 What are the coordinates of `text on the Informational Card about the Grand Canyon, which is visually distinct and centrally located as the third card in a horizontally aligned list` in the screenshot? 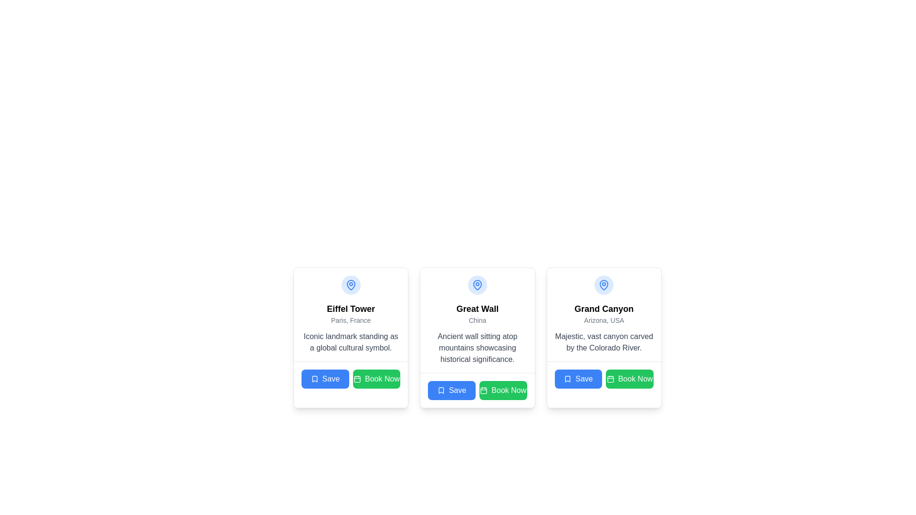 It's located at (604, 314).